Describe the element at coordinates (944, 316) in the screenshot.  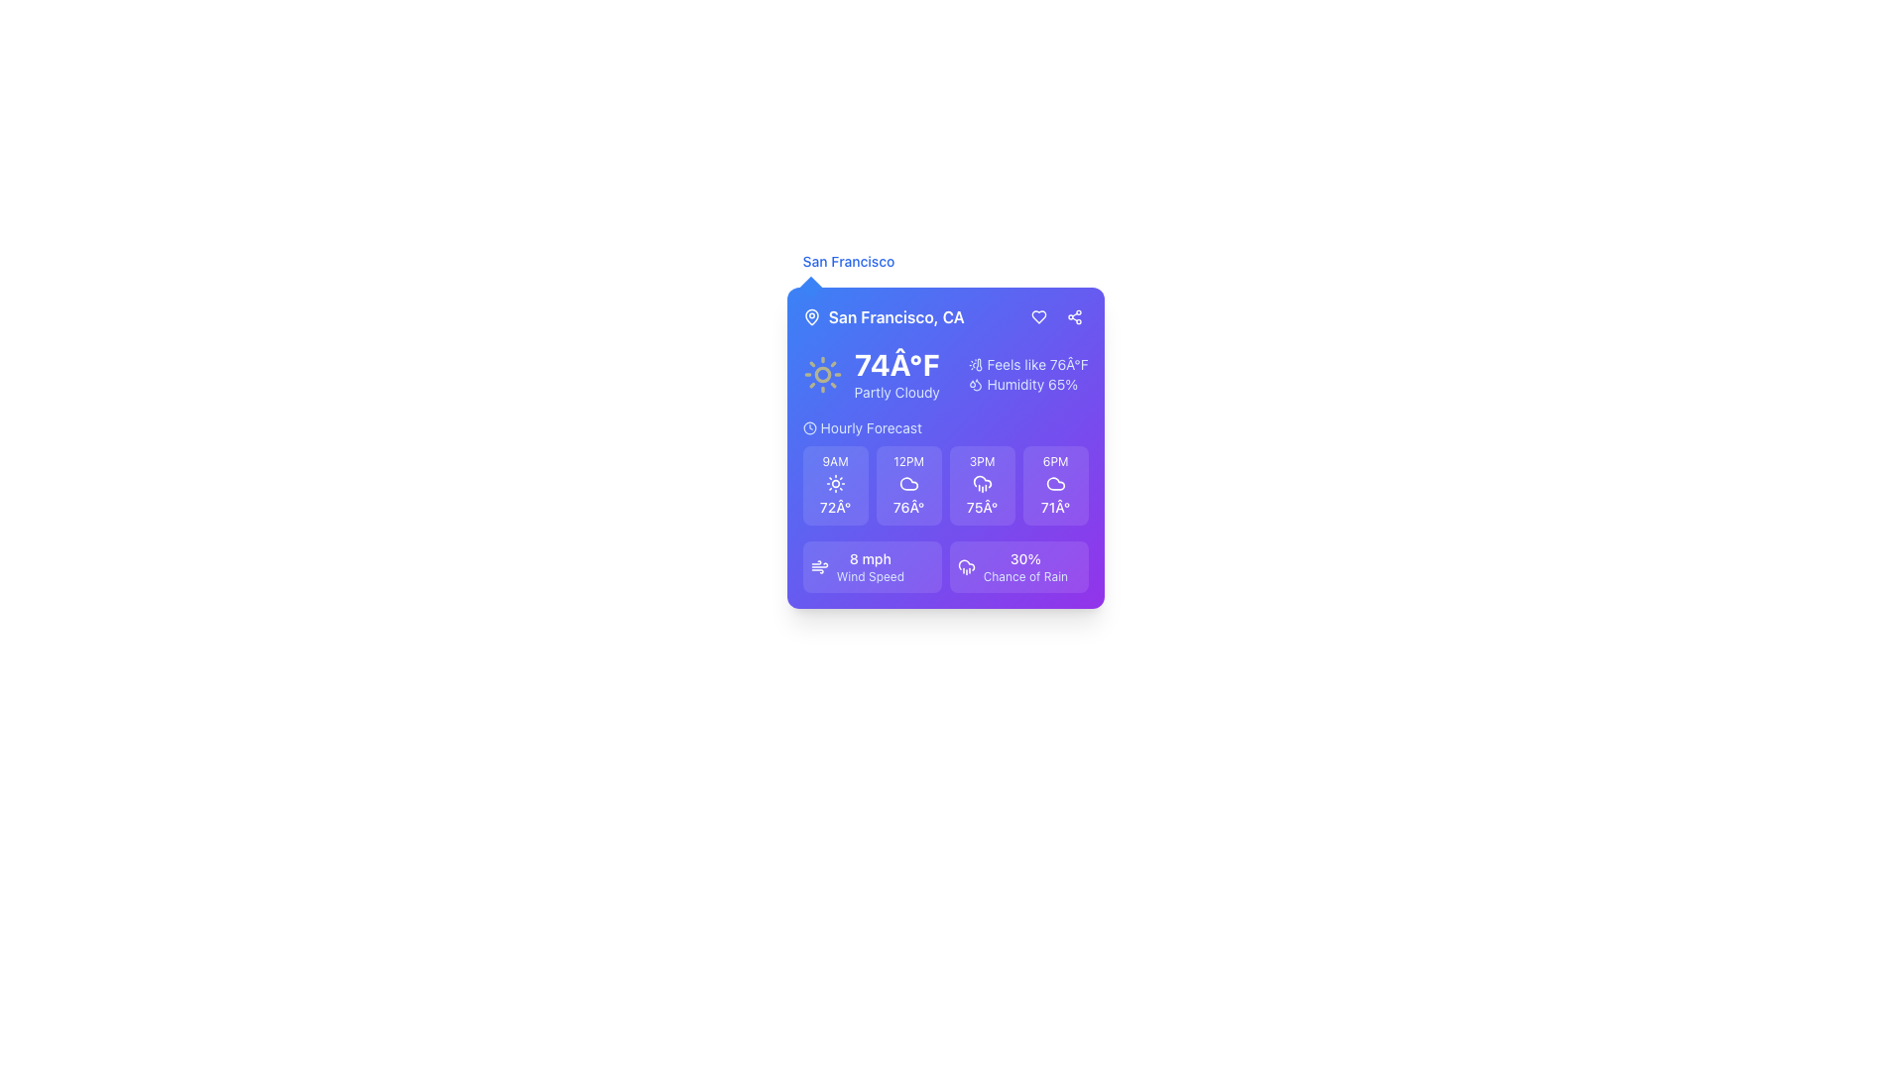
I see `the text label reading 'San Francisco, CA' with a map pin icon, located at the top center of the card interface` at that location.